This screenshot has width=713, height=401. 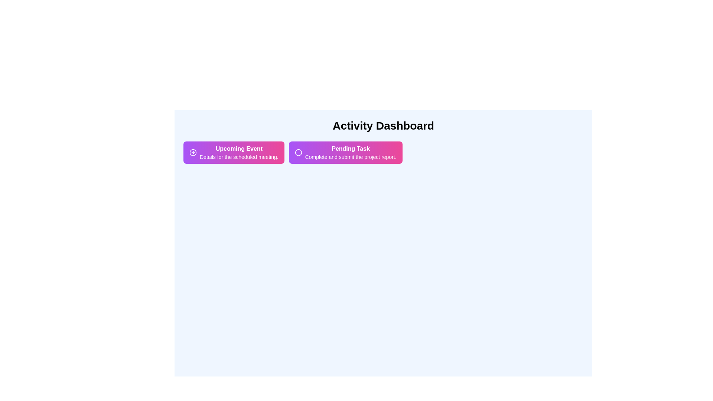 What do you see at coordinates (233, 152) in the screenshot?
I see `the activity chip labeled 'Upcoming Event' to trigger its visual feedback` at bounding box center [233, 152].